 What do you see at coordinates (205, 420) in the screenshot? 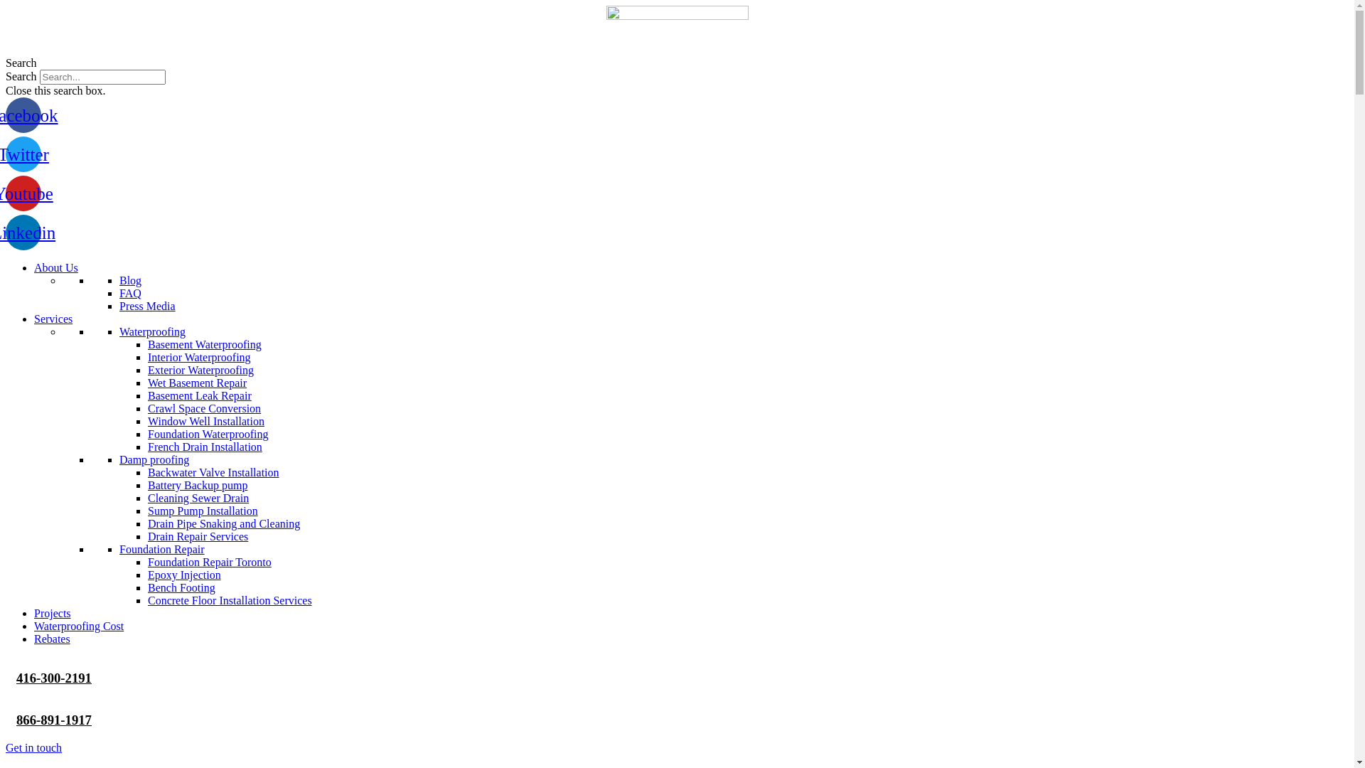
I see `'Window Well Installation'` at bounding box center [205, 420].